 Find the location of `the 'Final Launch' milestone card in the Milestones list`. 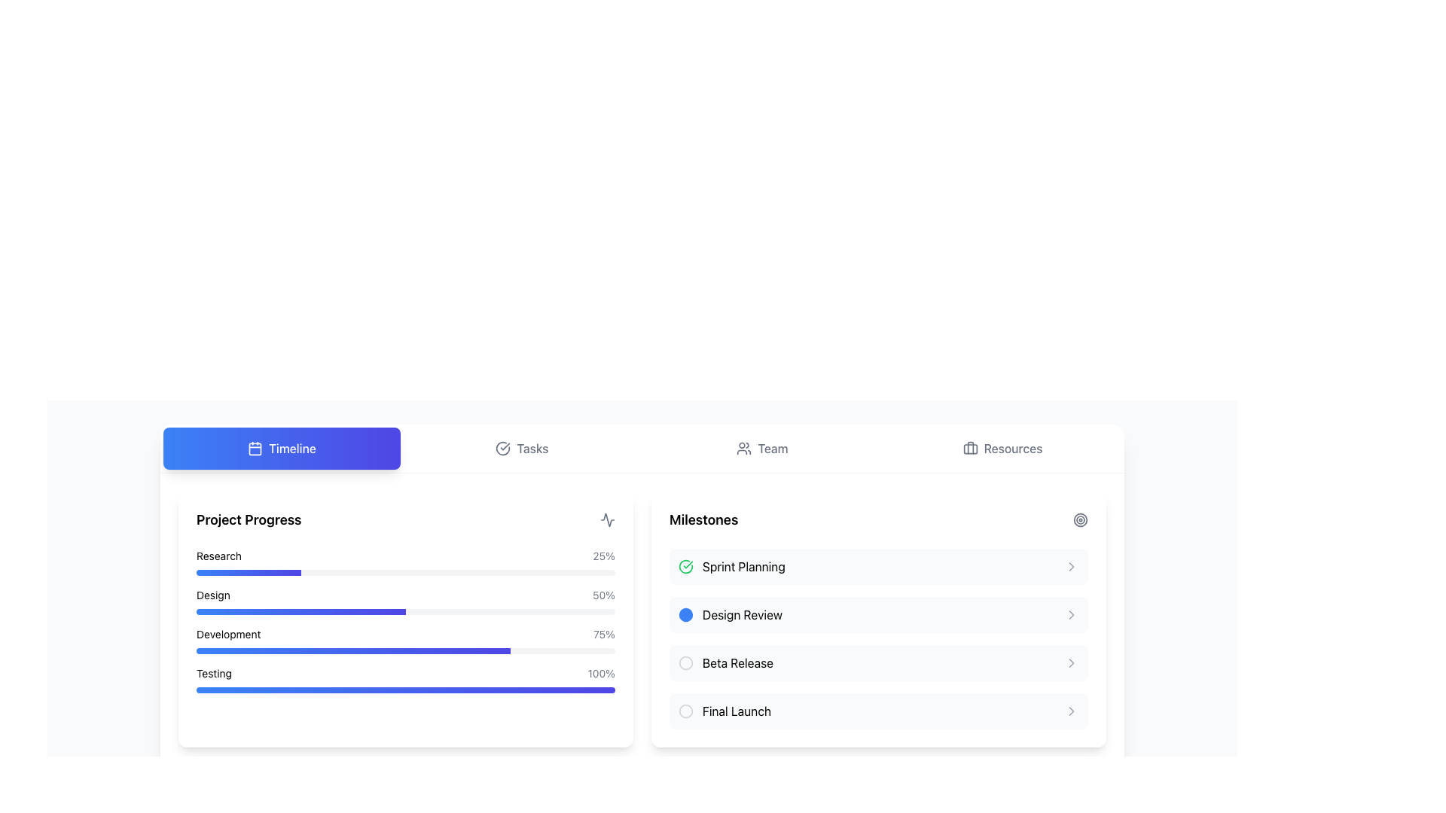

the 'Final Launch' milestone card in the Milestones list is located at coordinates (878, 711).